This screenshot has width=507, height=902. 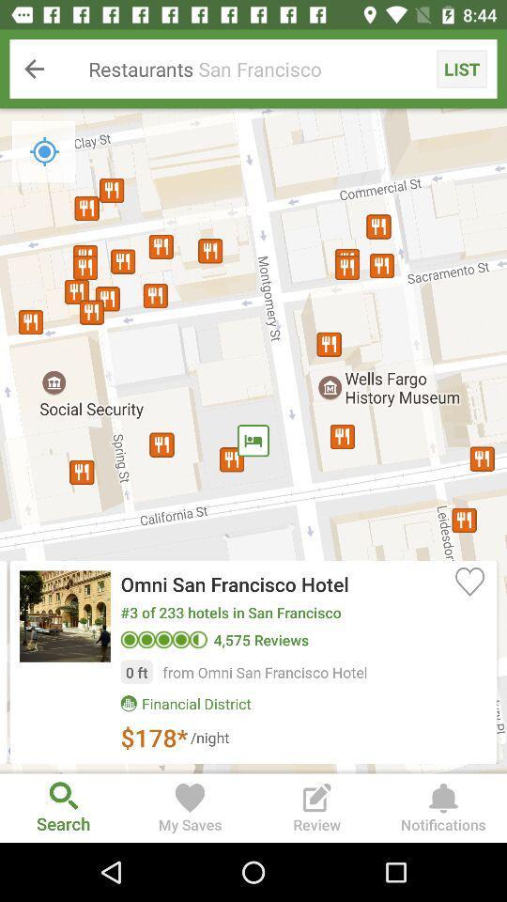 What do you see at coordinates (44, 150) in the screenshot?
I see `the location_crosshair icon` at bounding box center [44, 150].